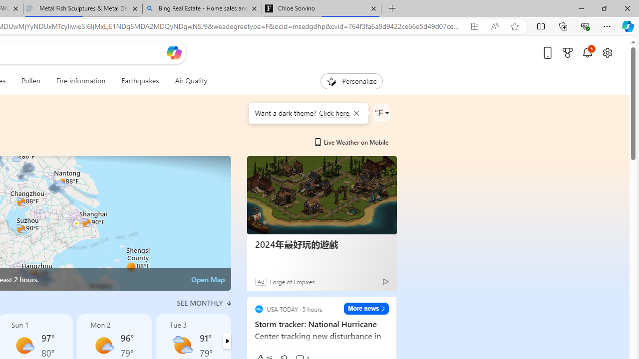 Image resolution: width=639 pixels, height=359 pixels. What do you see at coordinates (207, 279) in the screenshot?
I see `'Open Map'` at bounding box center [207, 279].